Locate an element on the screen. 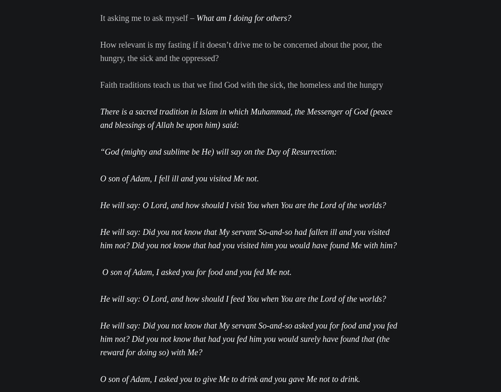  'O son of Adam, I asked you to give Me to drink and you gave Me not to drink.' is located at coordinates (230, 379).